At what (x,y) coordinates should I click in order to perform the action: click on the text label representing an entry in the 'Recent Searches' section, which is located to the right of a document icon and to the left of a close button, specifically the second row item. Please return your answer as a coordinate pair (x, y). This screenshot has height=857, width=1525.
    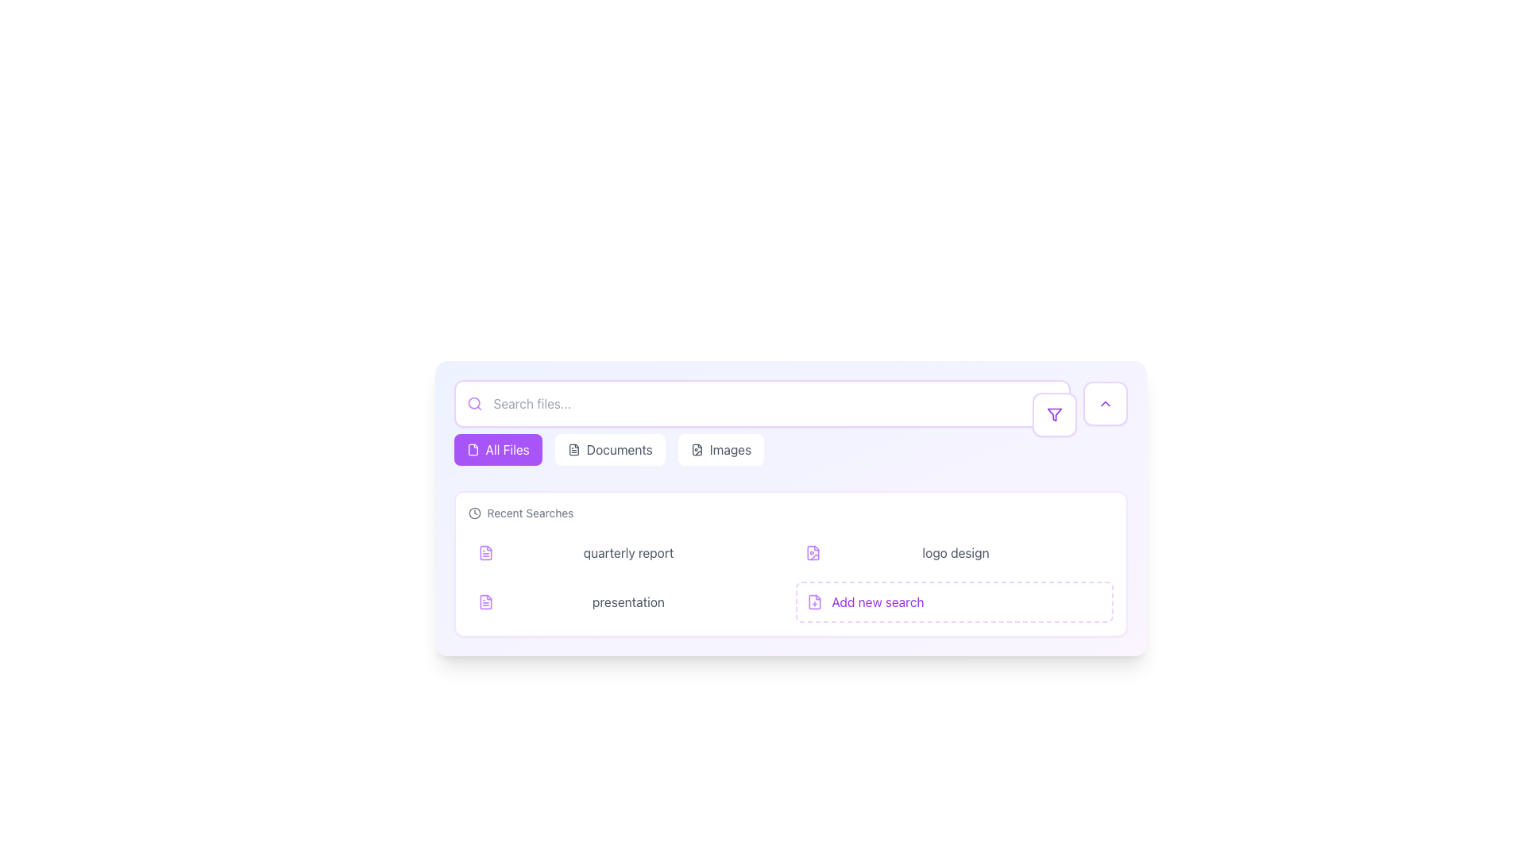
    Looking at the image, I should click on (627, 552).